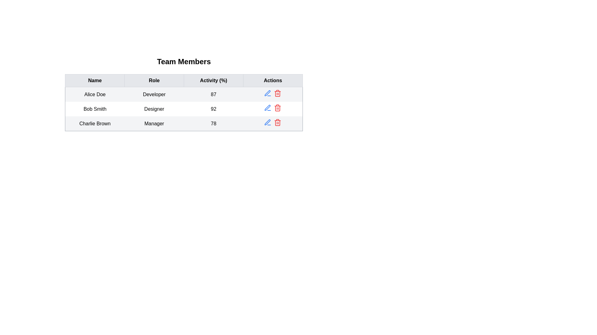 This screenshot has width=597, height=335. Describe the element at coordinates (268, 107) in the screenshot. I see `edit icon for the team member with name Bob Smith` at that location.